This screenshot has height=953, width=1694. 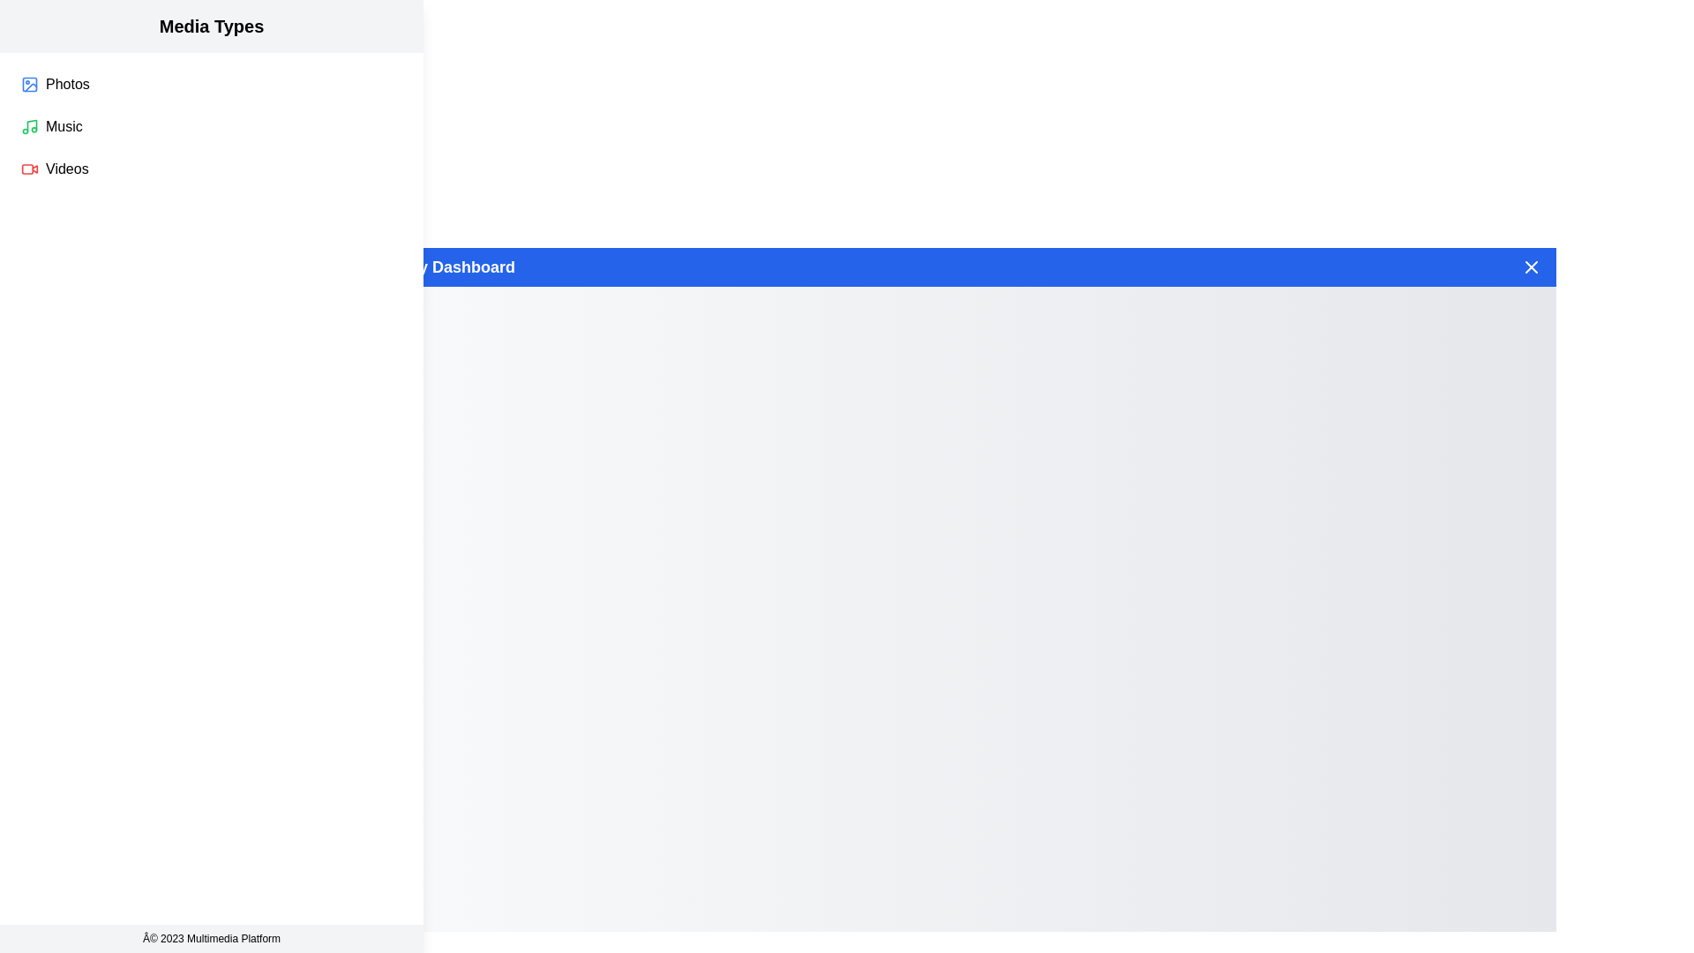 What do you see at coordinates (212, 169) in the screenshot?
I see `the 'Videos' button, which is the third item` at bounding box center [212, 169].